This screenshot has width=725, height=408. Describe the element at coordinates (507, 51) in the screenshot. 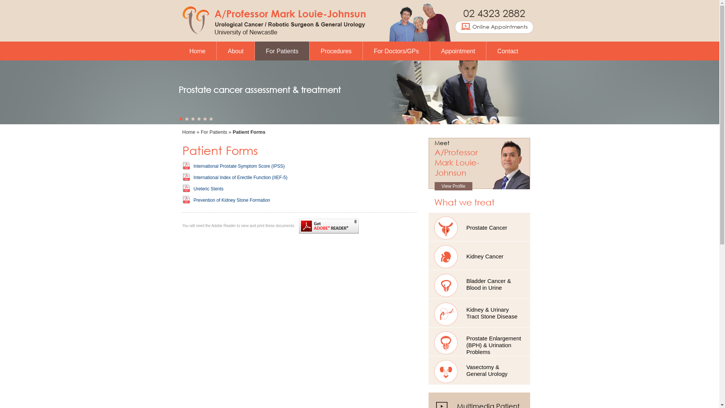

I see `'Contact'` at that location.